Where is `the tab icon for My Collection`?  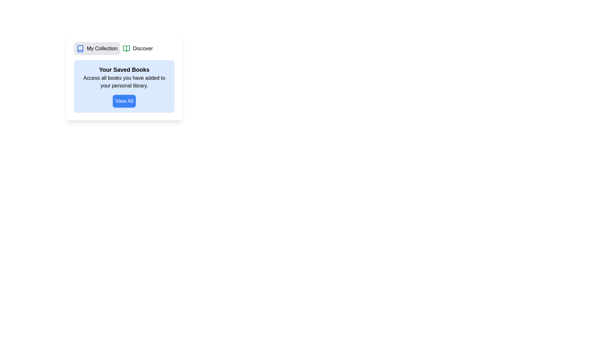
the tab icon for My Collection is located at coordinates (80, 48).